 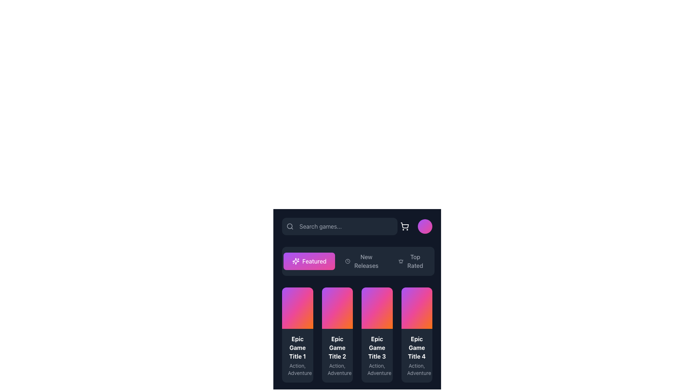 I want to click on the 'Featured' button which contains the Decorative SVG icon, located at the top-left section of the central UI toolbar, so click(x=296, y=261).